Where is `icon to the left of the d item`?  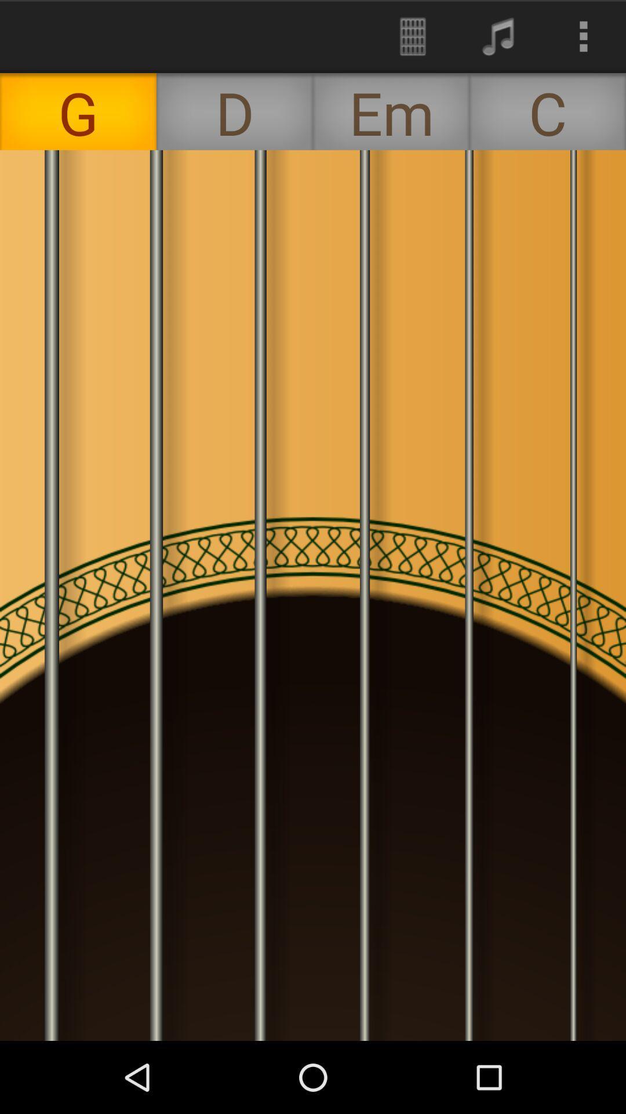
icon to the left of the d item is located at coordinates (78, 111).